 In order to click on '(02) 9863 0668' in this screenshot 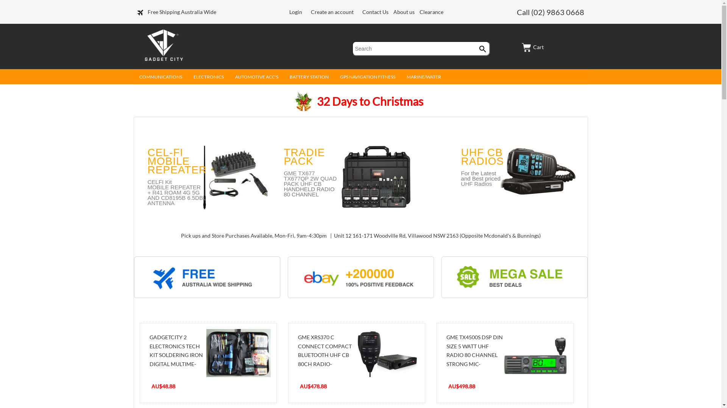, I will do `click(557, 12)`.